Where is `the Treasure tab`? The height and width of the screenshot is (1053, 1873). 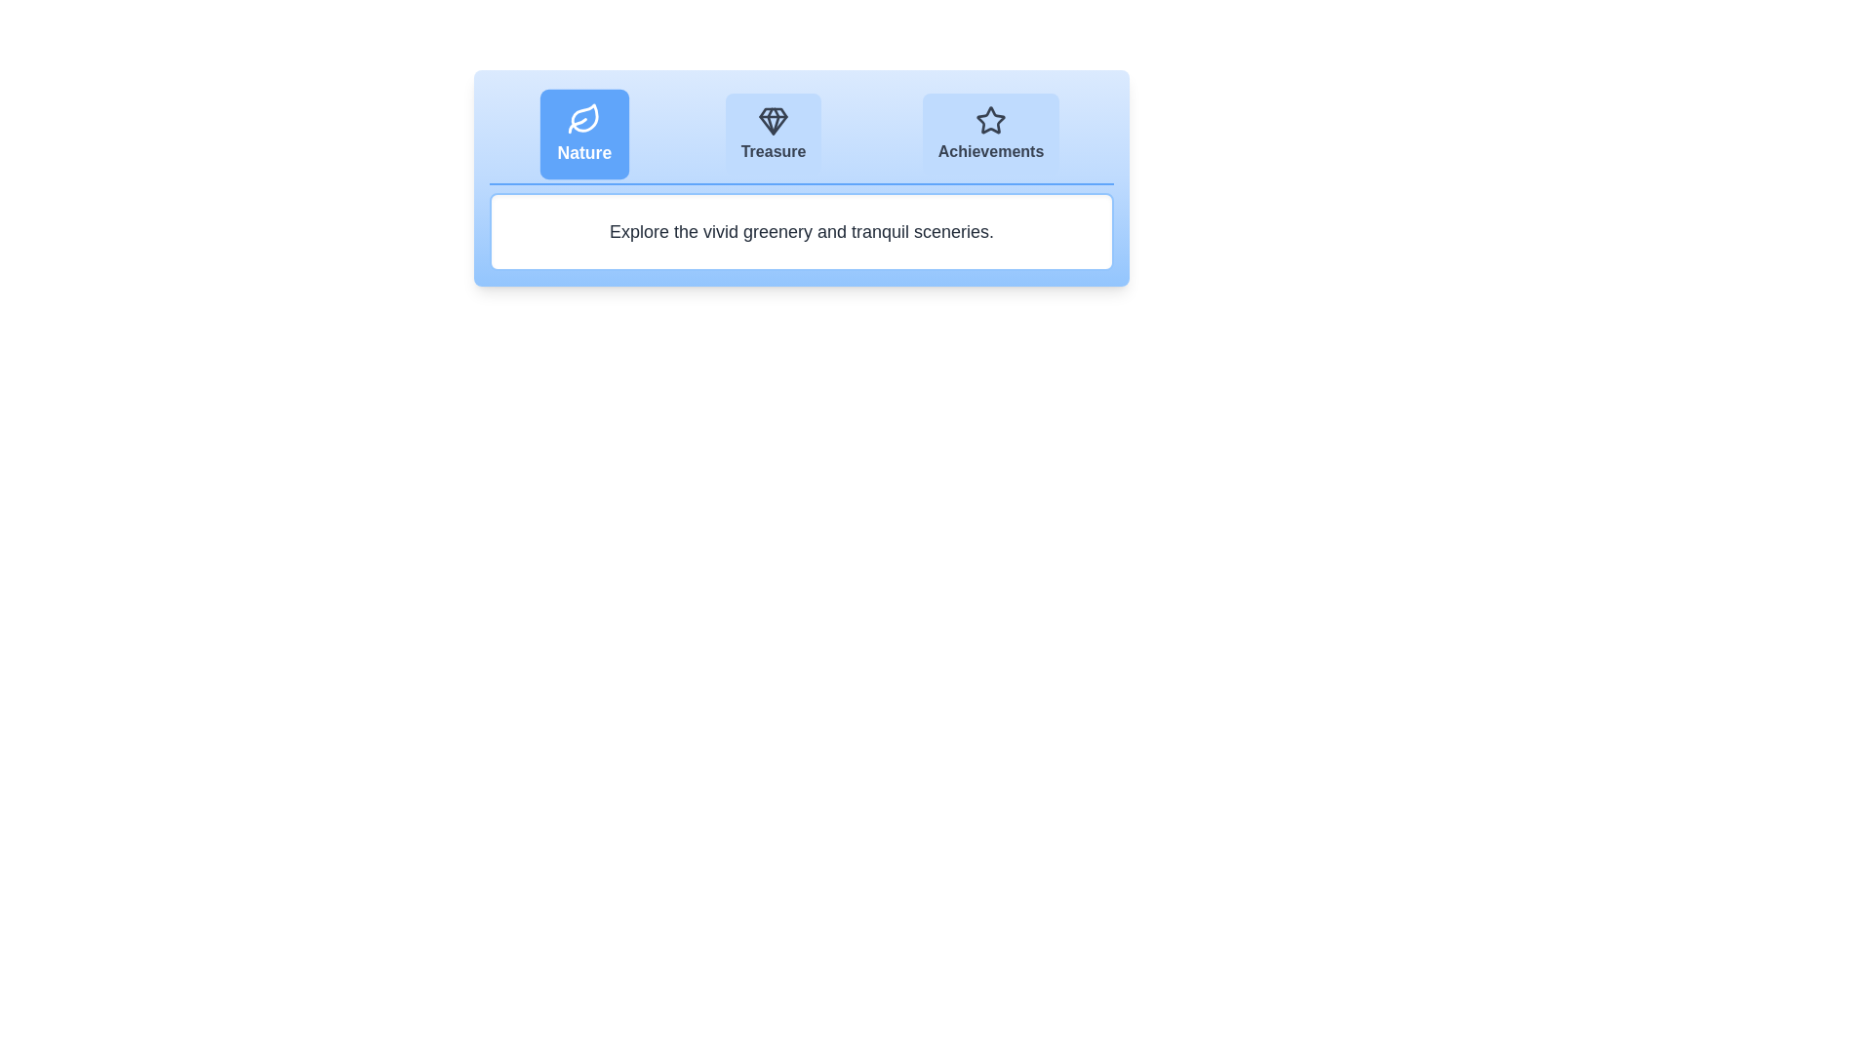
the Treasure tab is located at coordinates (772, 134).